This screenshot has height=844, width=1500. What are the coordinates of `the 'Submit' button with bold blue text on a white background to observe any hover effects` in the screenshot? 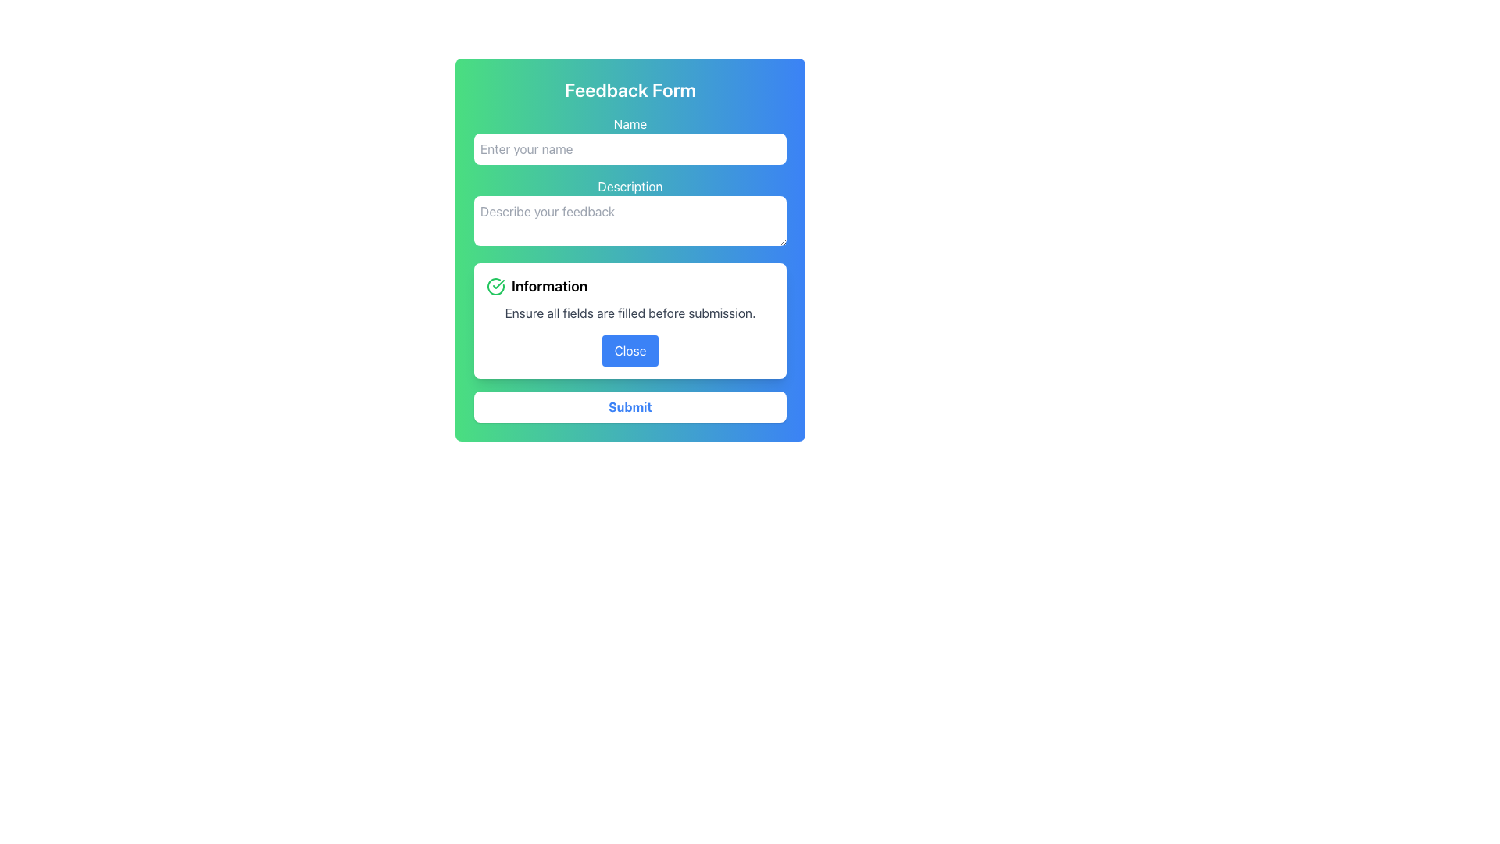 It's located at (630, 406).